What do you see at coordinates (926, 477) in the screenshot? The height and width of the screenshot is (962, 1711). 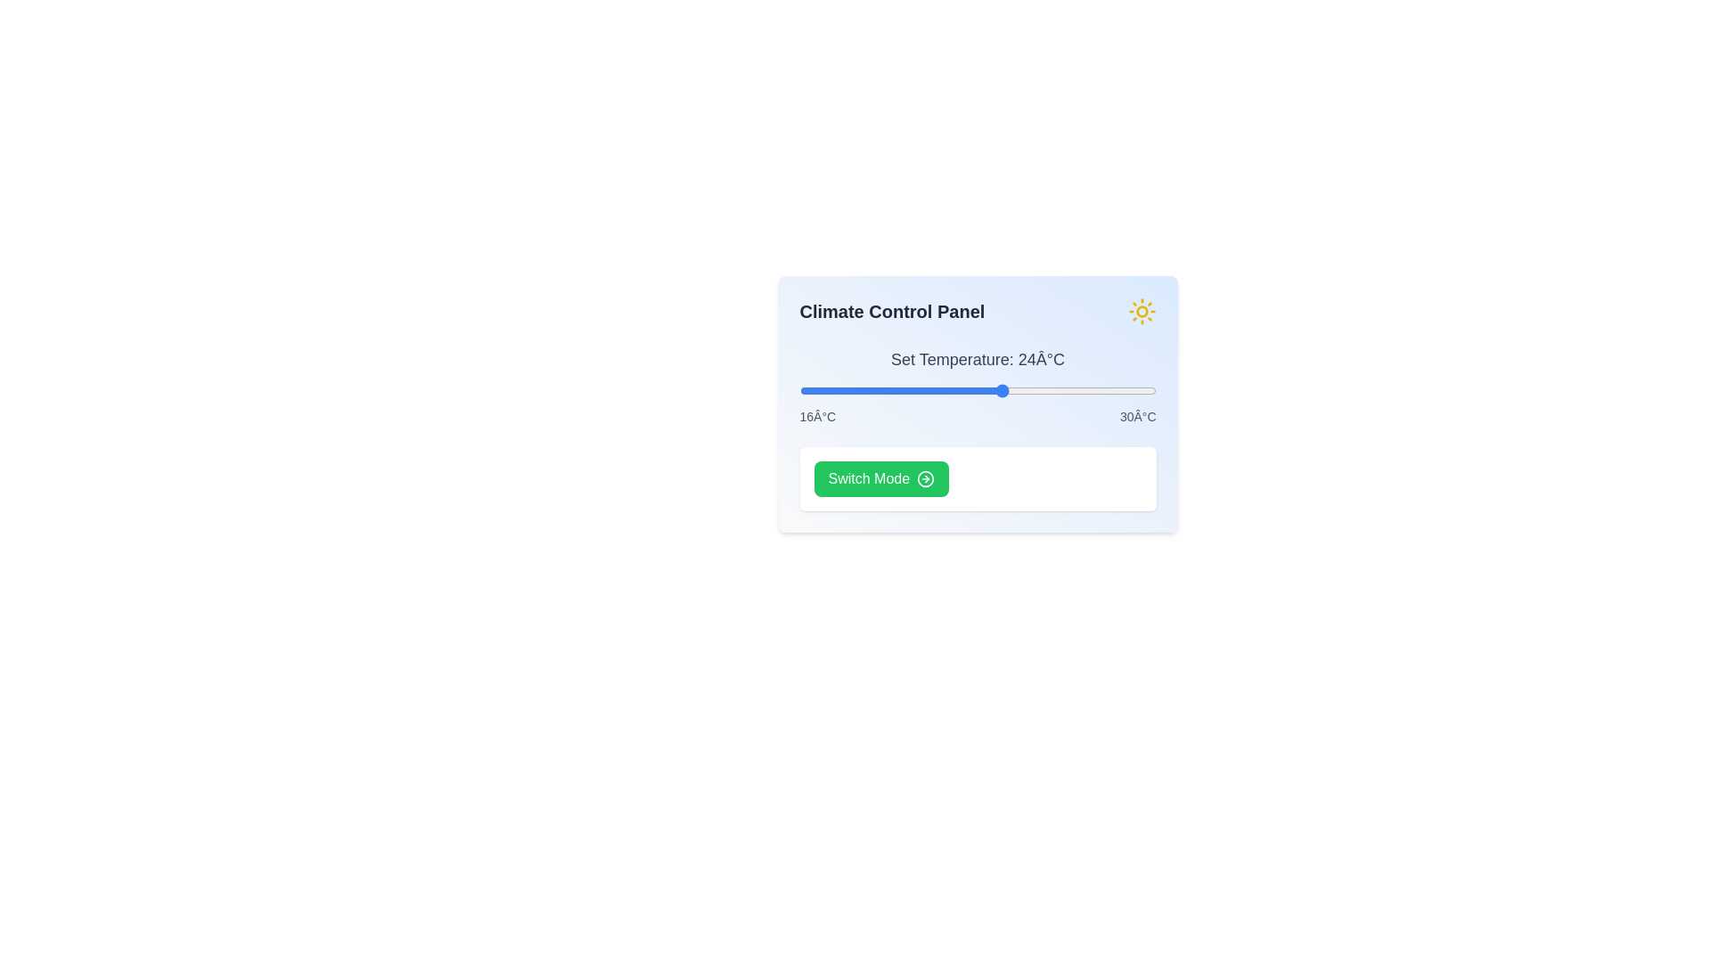 I see `the button labeled 'Switch Mode' that contains a circular icon with a right-pointing arrow at its end` at bounding box center [926, 477].